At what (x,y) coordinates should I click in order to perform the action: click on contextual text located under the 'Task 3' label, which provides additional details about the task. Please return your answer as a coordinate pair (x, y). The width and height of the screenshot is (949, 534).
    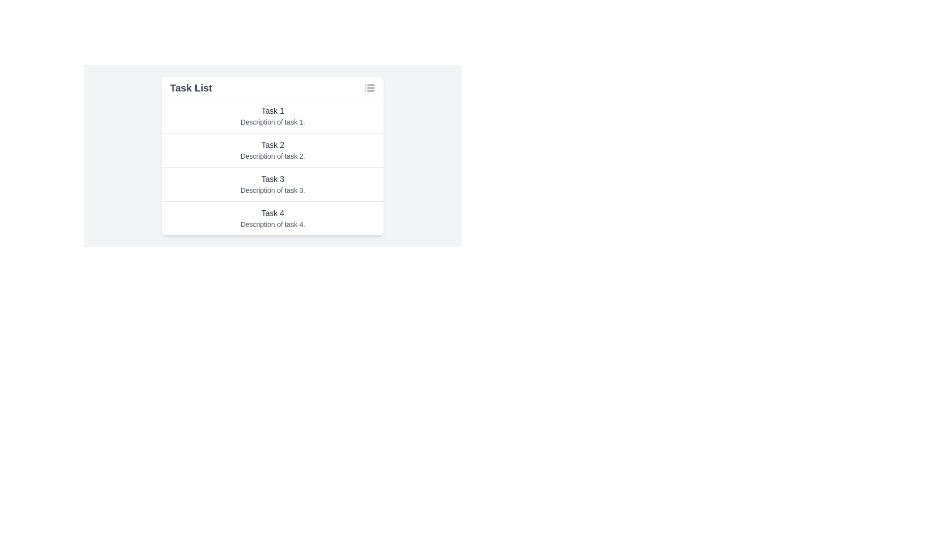
    Looking at the image, I should click on (273, 190).